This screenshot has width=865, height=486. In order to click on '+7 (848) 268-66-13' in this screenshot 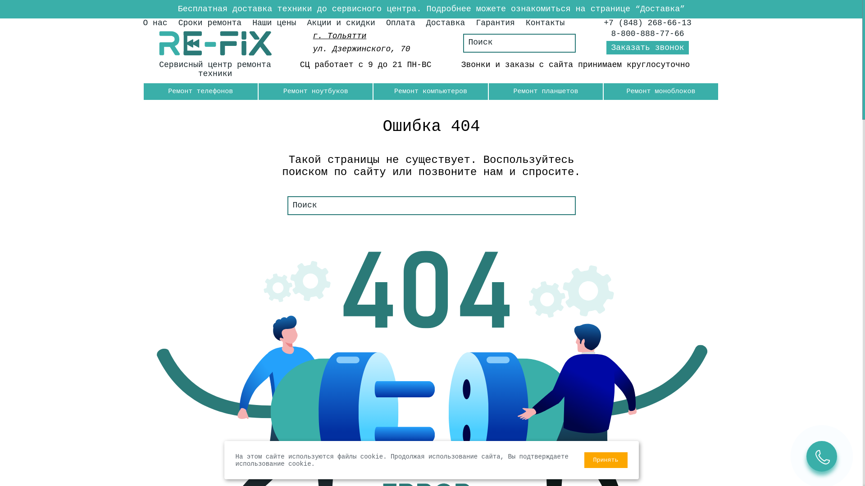, I will do `click(646, 22)`.